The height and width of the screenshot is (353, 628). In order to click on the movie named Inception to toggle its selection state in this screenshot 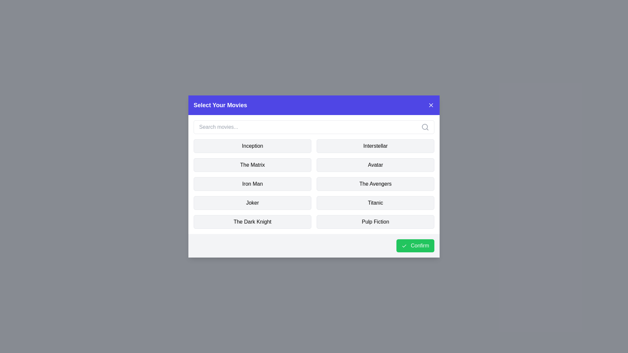, I will do `click(252, 146)`.